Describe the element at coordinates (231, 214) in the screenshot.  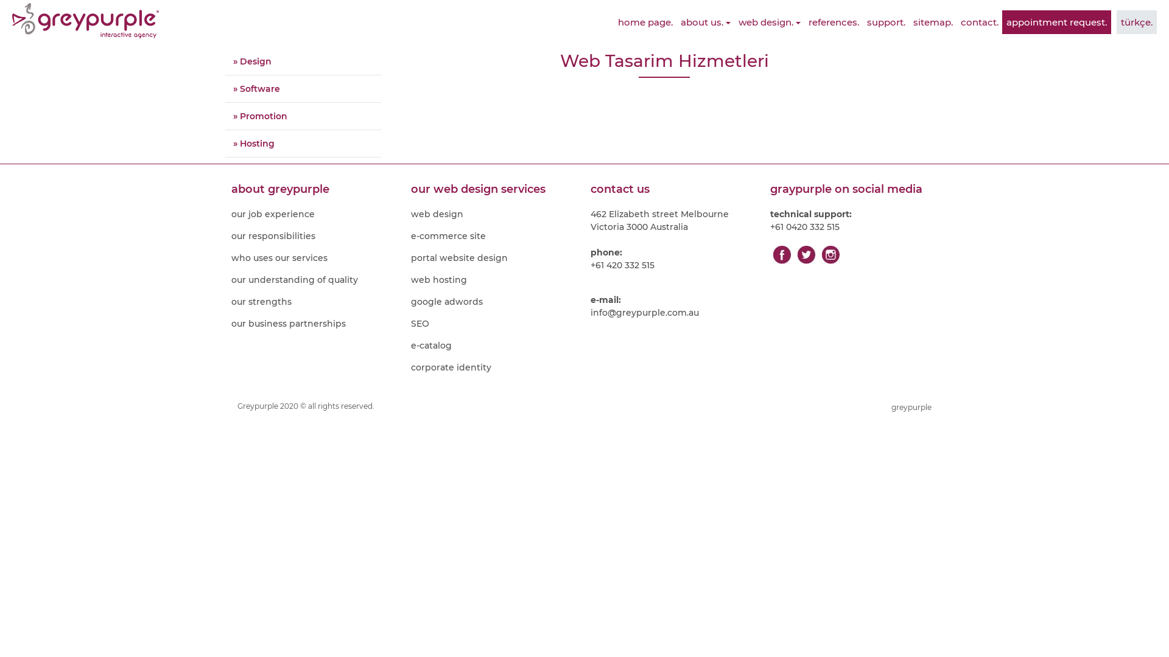
I see `'our job experience'` at that location.